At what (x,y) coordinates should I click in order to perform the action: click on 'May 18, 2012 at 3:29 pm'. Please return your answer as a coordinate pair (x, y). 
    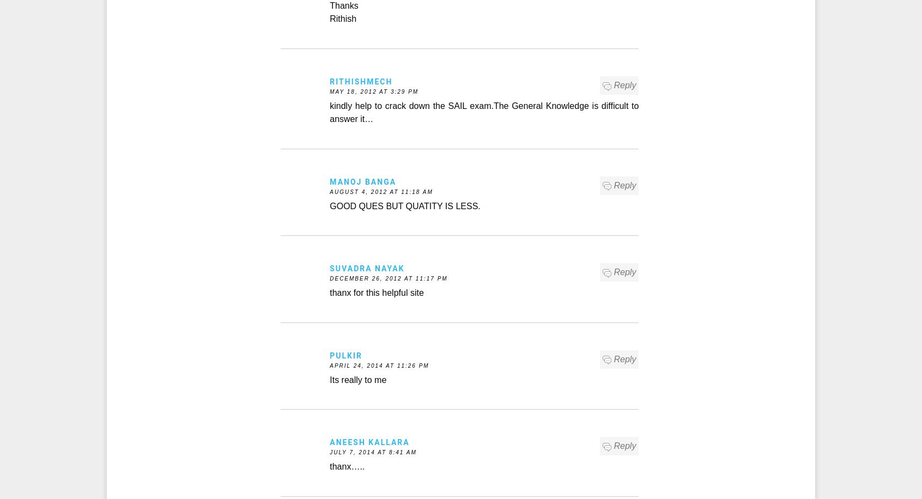
    Looking at the image, I should click on (374, 92).